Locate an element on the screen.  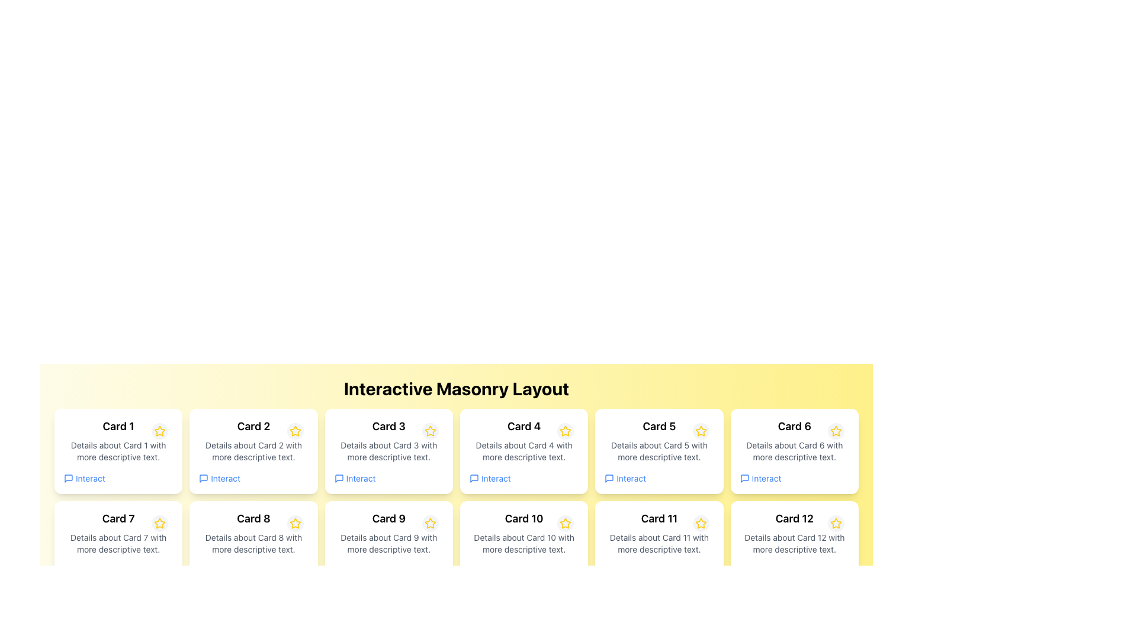
the star-shaped yellow button with a gray border located at the top-right corner of 'Card 9' is located at coordinates (429, 524).